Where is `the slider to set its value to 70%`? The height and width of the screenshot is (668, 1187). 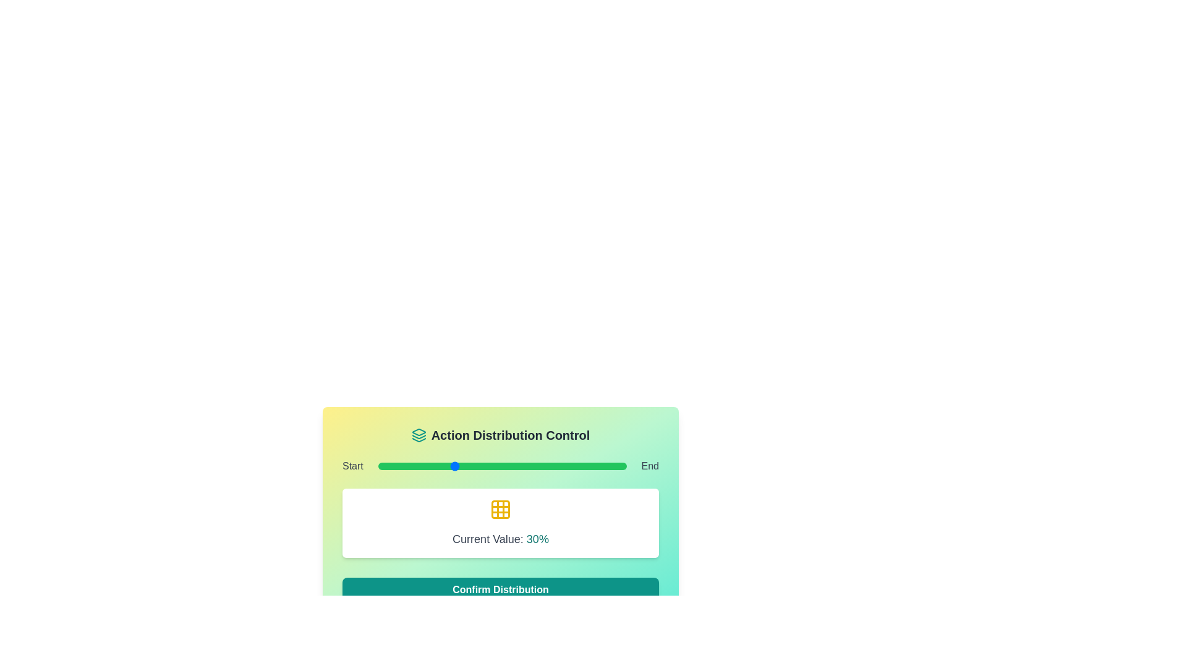 the slider to set its value to 70% is located at coordinates (551, 466).